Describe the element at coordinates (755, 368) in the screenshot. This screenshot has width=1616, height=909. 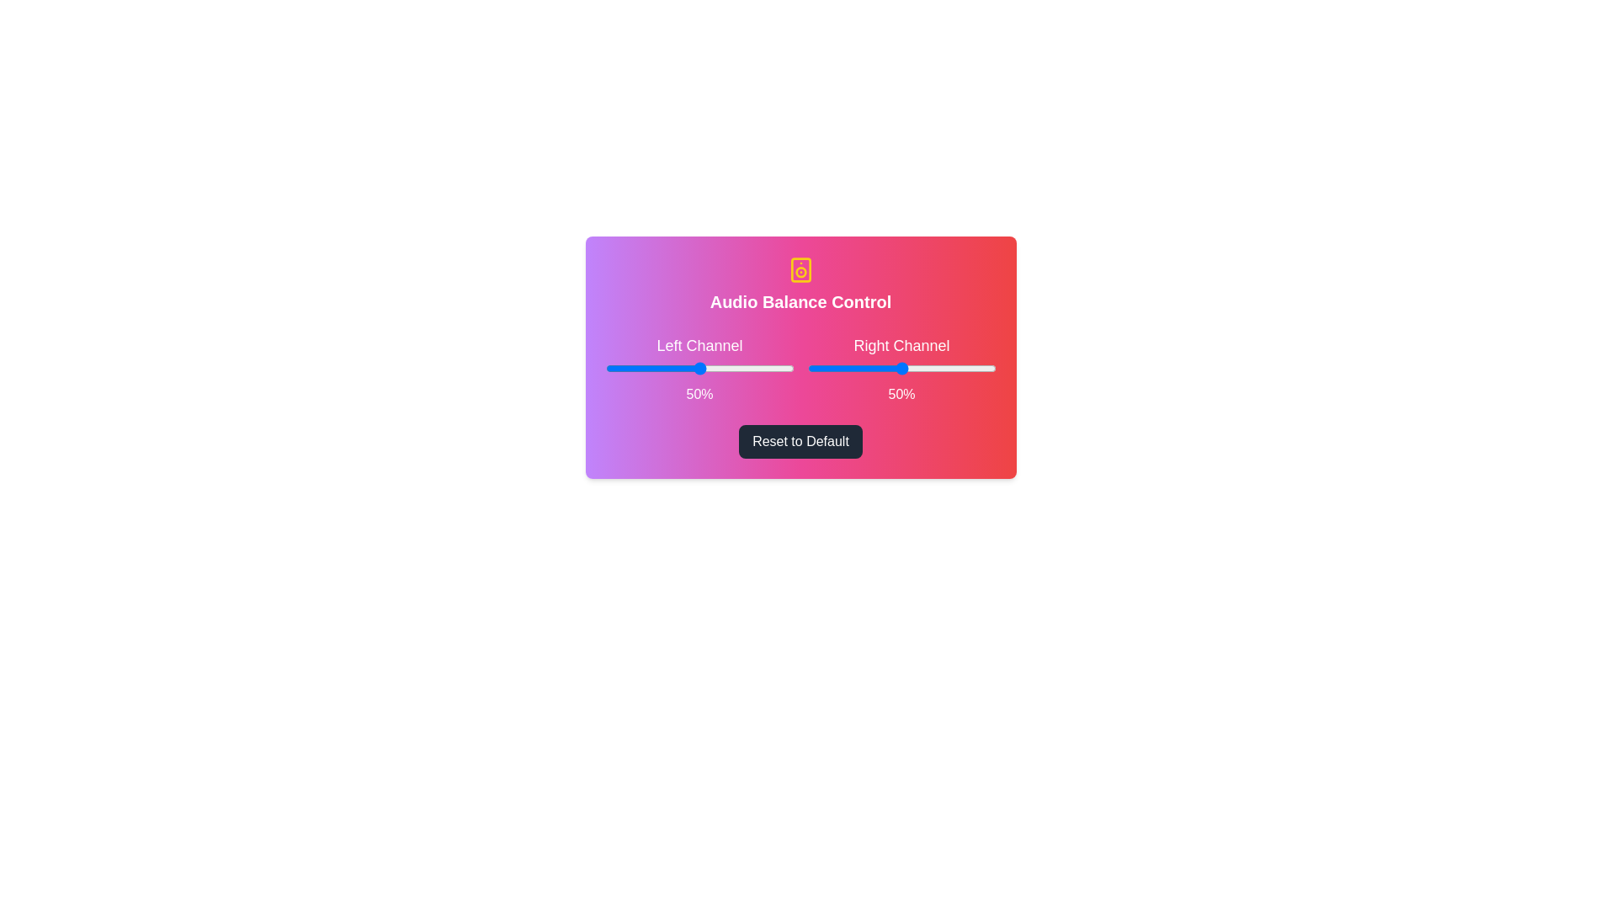
I see `the left slider to 80%` at that location.